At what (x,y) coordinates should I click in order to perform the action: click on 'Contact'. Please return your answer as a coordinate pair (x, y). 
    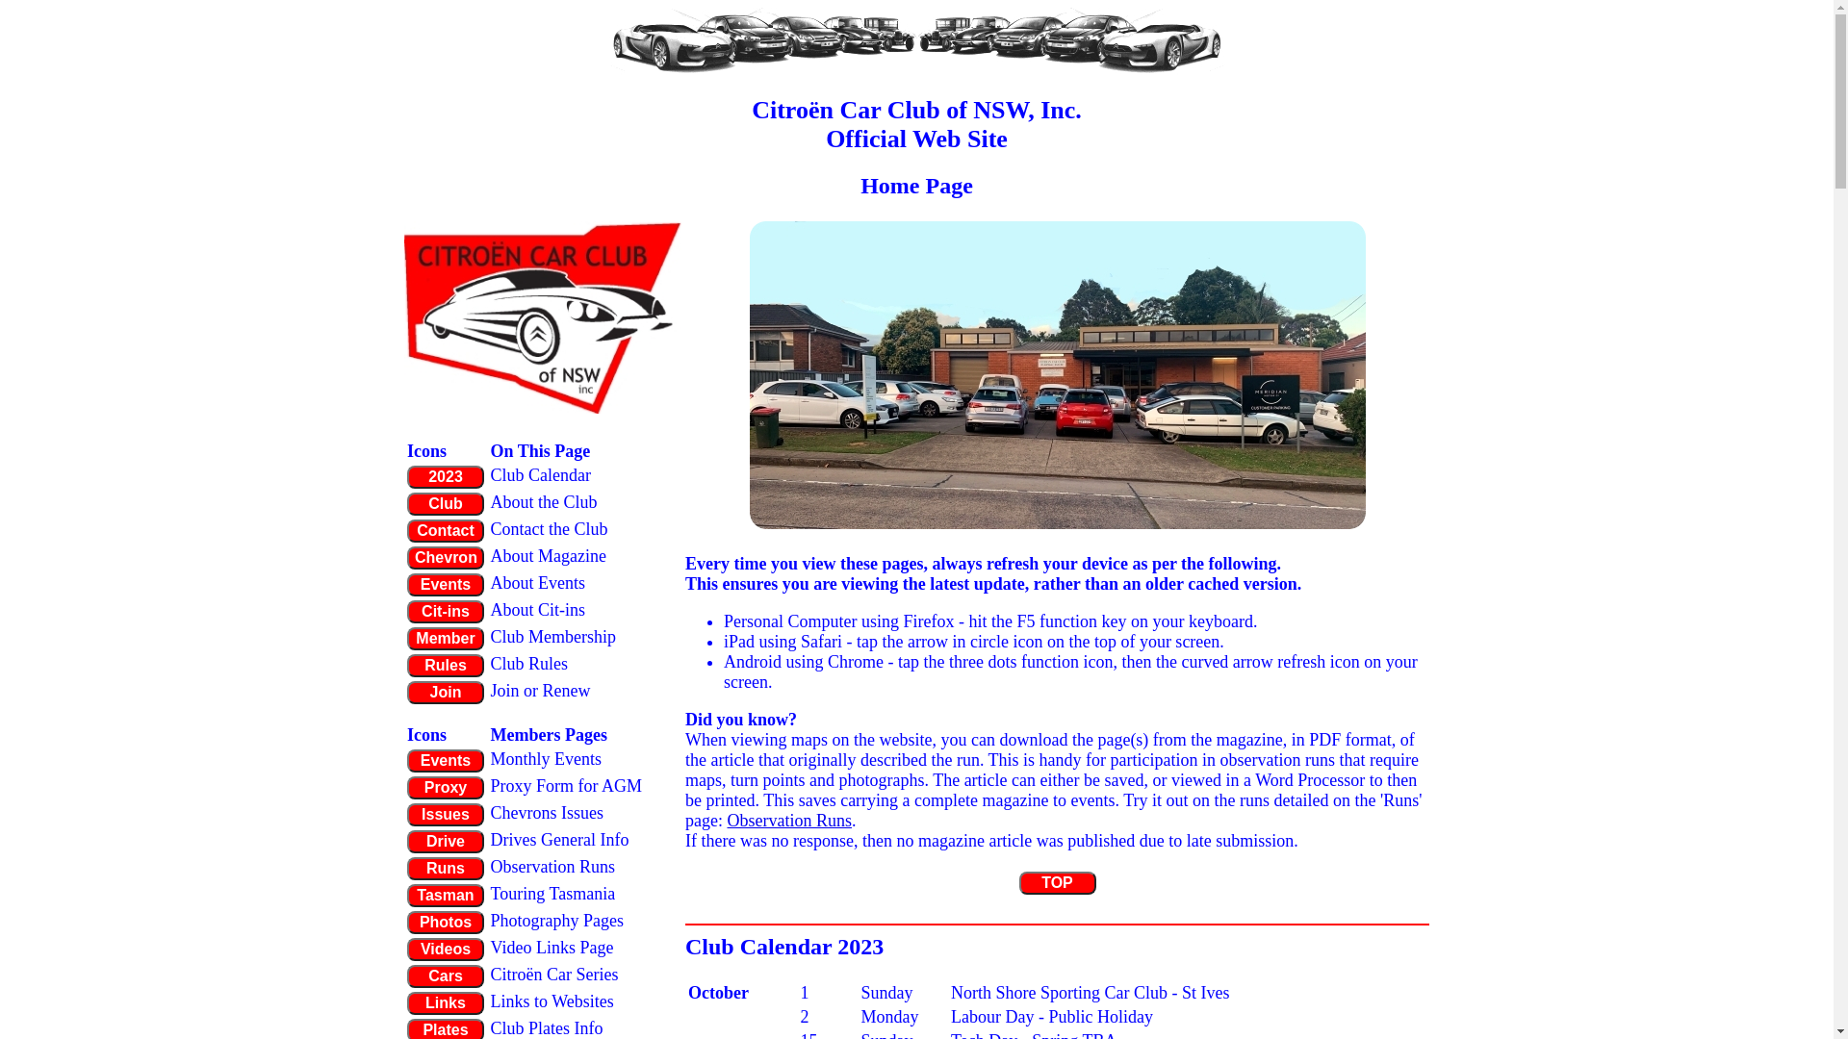
    Looking at the image, I should click on (405, 530).